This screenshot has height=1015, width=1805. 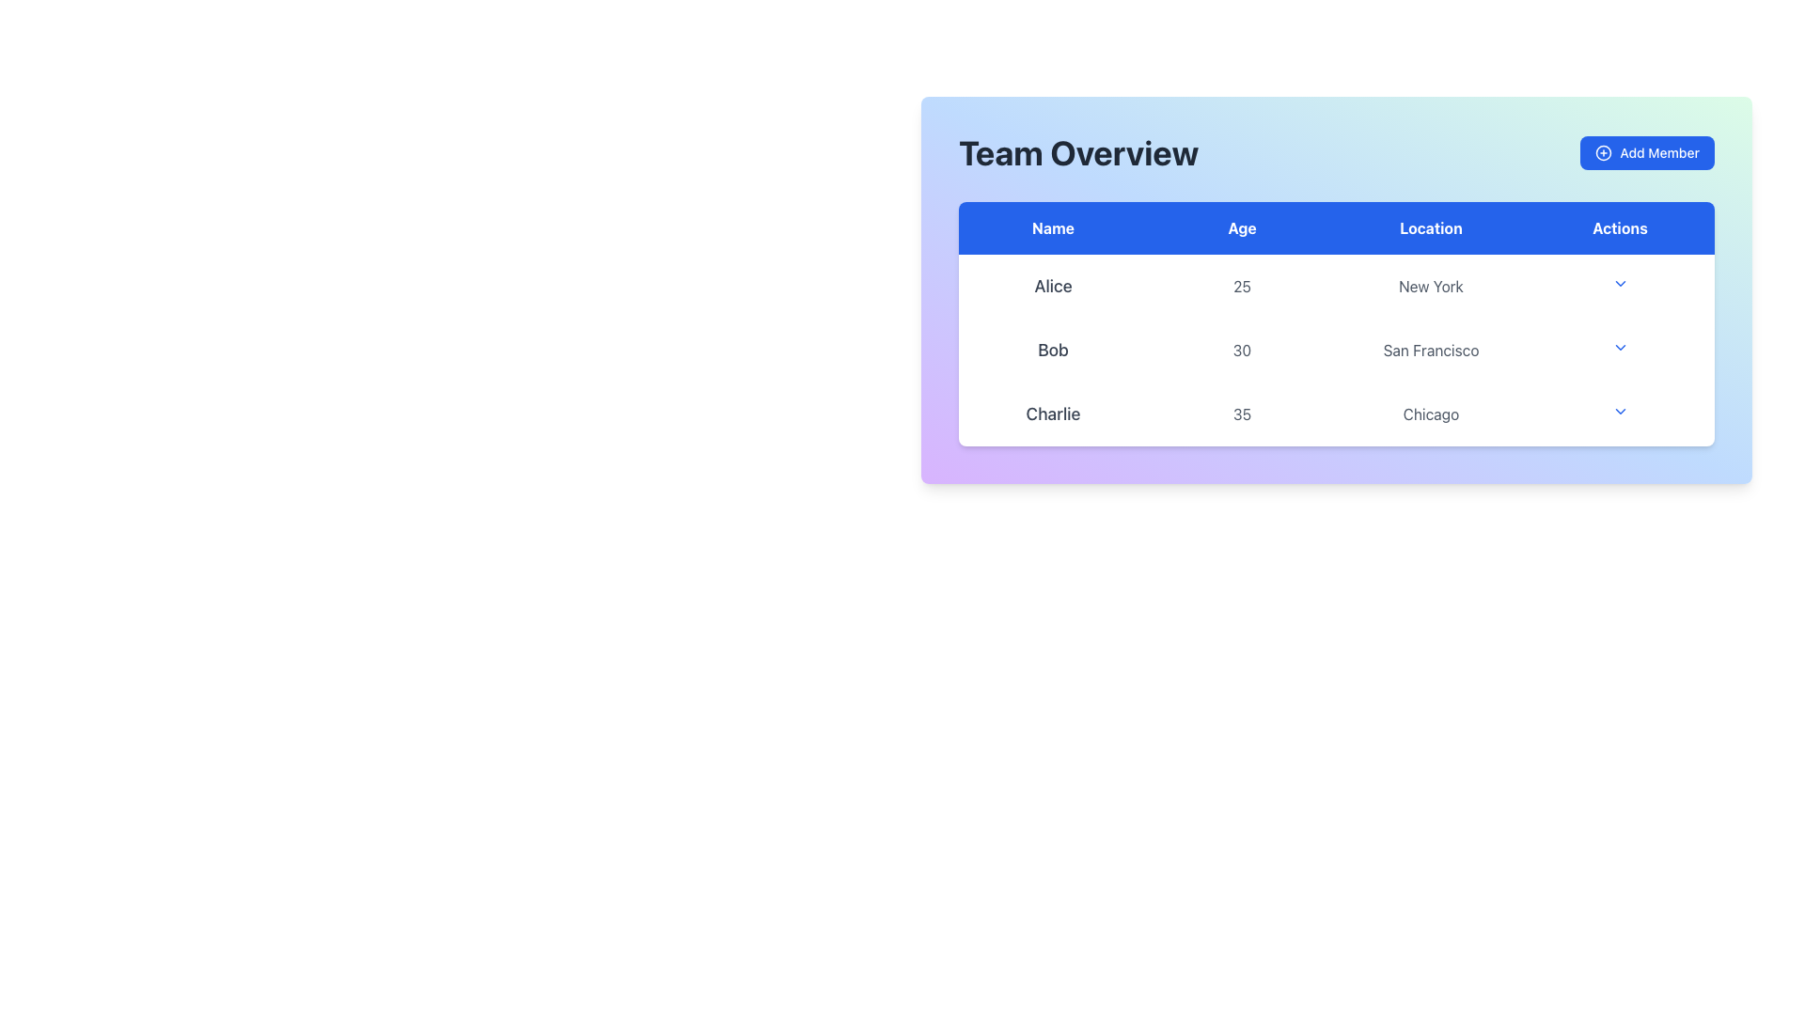 I want to click on the circular plus icon adjacent to the 'Add Member' text on the blue rounded button located in the top-right corner of the interface, so click(x=1603, y=151).